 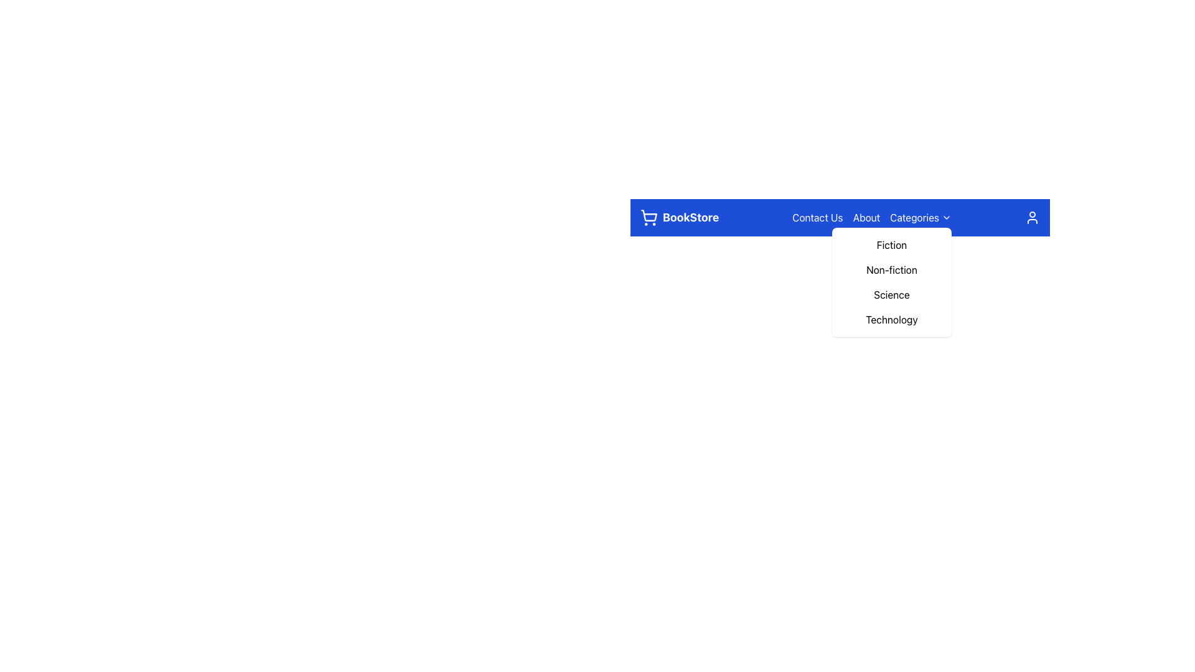 I want to click on the 'Contact Us' text link, which is styled in white font on a blue background and positioned to the right of the 'BookStore' logo, so click(x=817, y=217).